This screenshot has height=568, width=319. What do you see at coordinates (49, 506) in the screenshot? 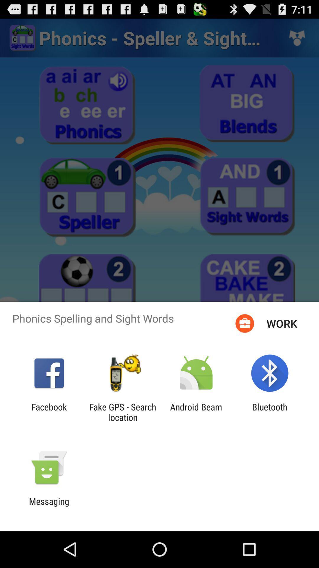
I see `the messaging icon` at bounding box center [49, 506].